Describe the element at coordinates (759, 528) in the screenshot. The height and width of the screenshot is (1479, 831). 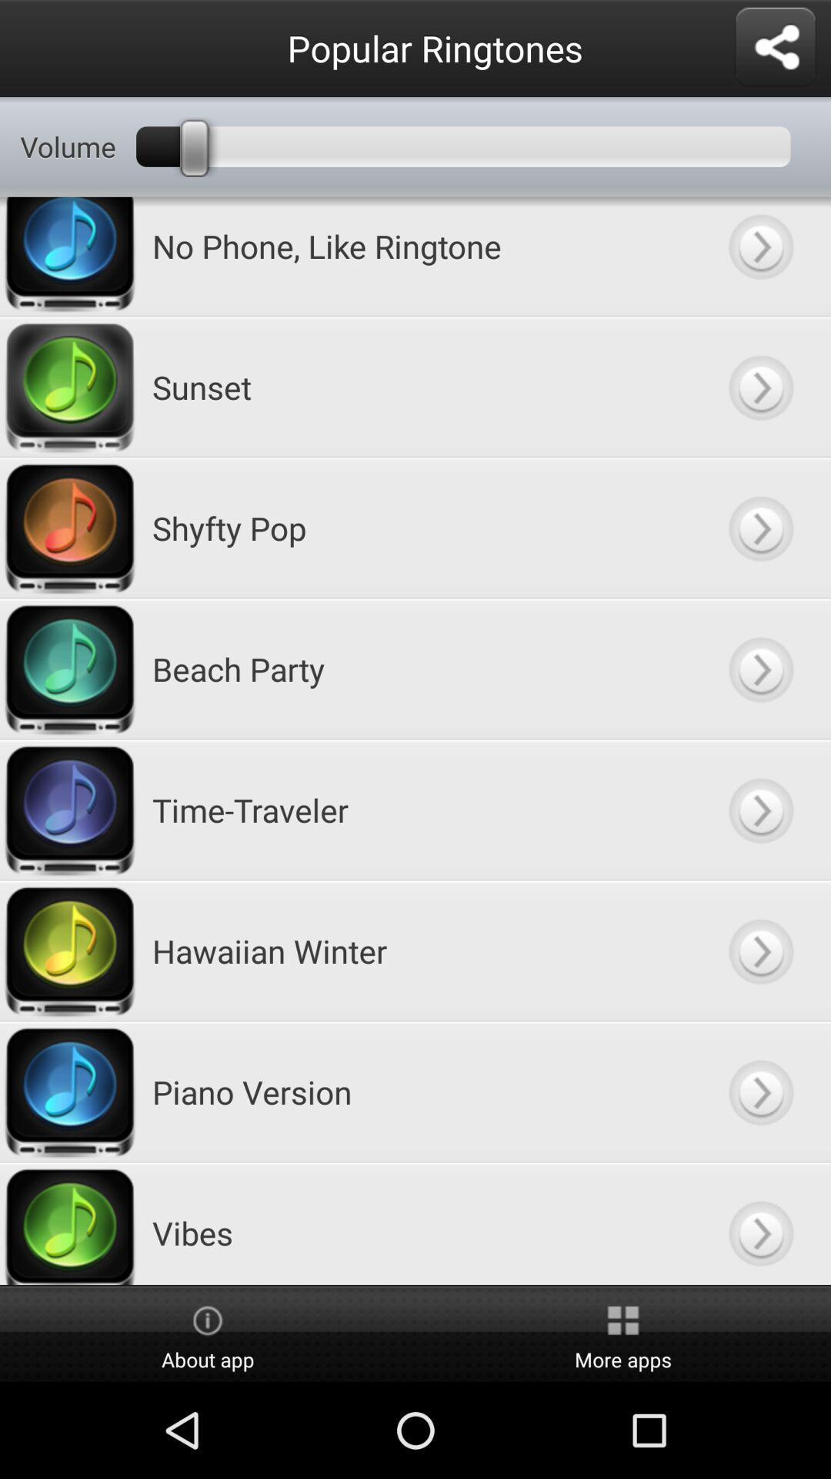
I see `download ringtone` at that location.